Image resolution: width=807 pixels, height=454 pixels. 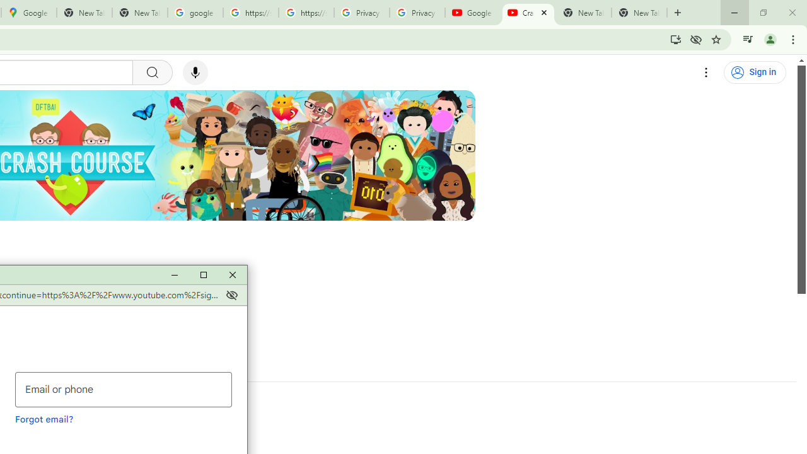 What do you see at coordinates (124, 389) in the screenshot?
I see `'Email or phone'` at bounding box center [124, 389].